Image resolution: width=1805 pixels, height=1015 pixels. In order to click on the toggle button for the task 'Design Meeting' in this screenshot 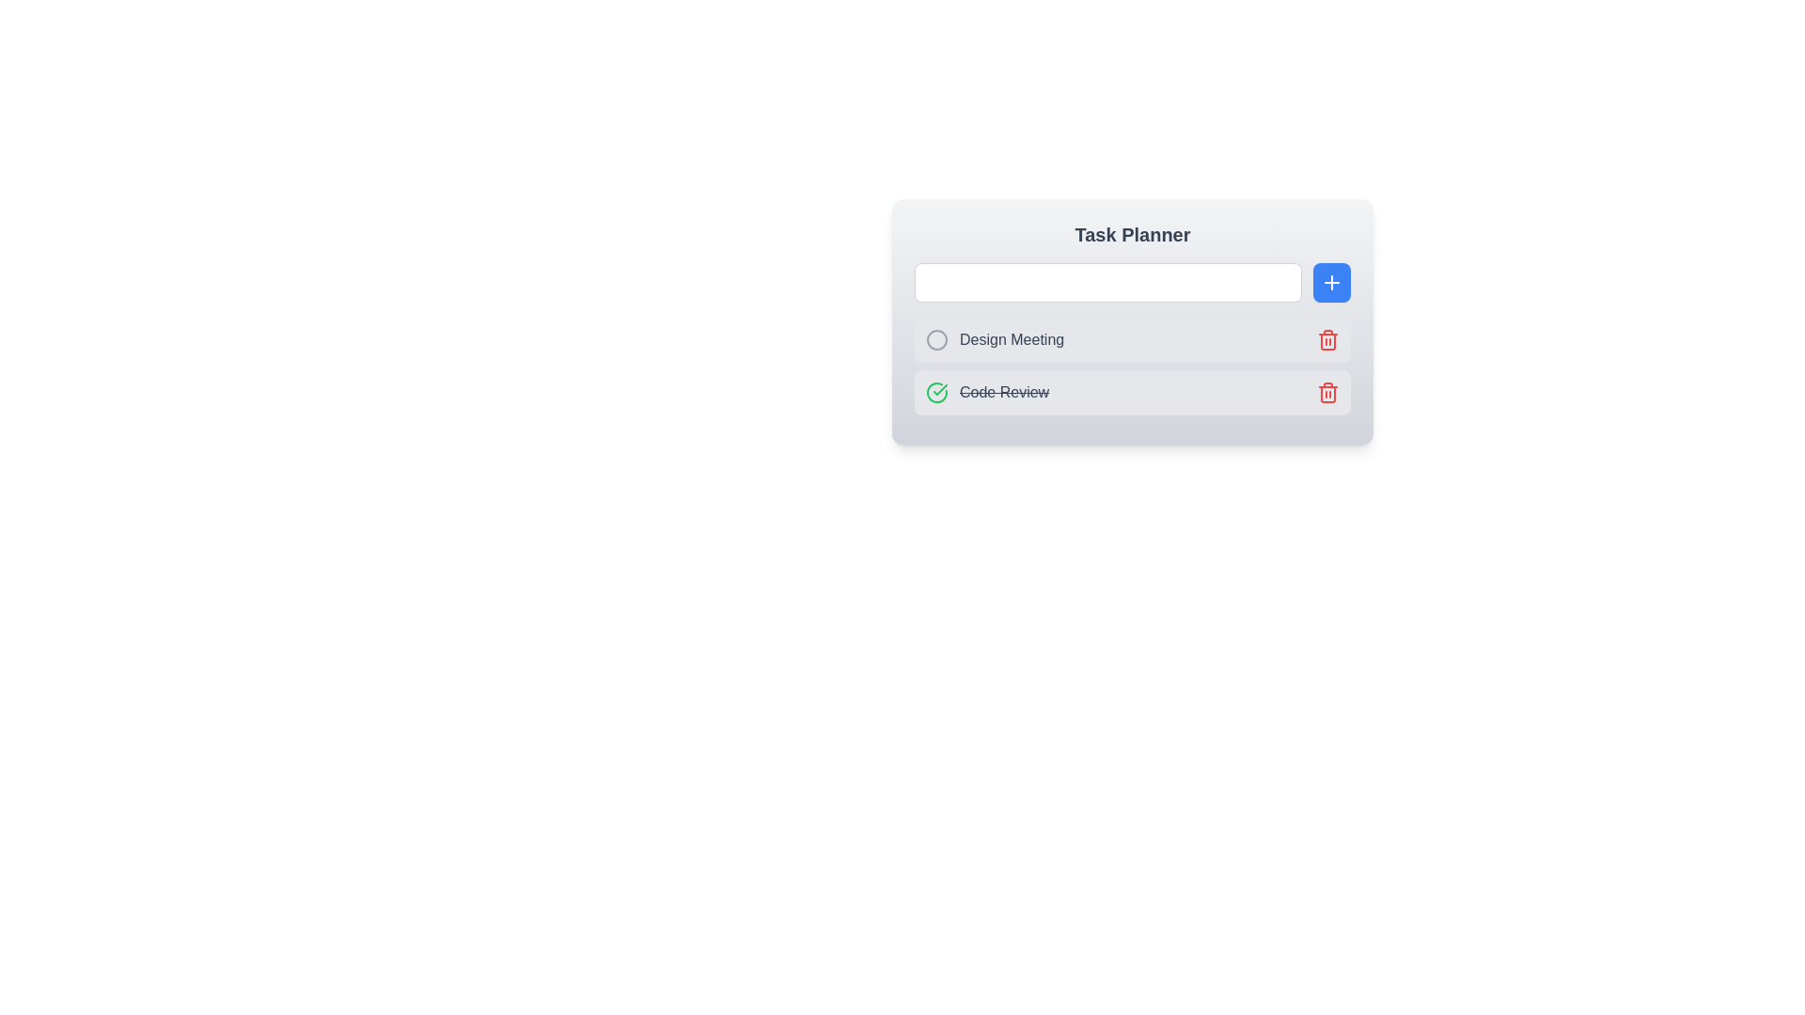, I will do `click(937, 340)`.